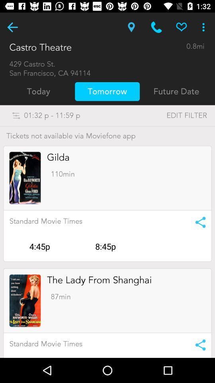 This screenshot has width=215, height=383. Describe the element at coordinates (170, 115) in the screenshot. I see `the icon to the right of 01 32 p icon` at that location.